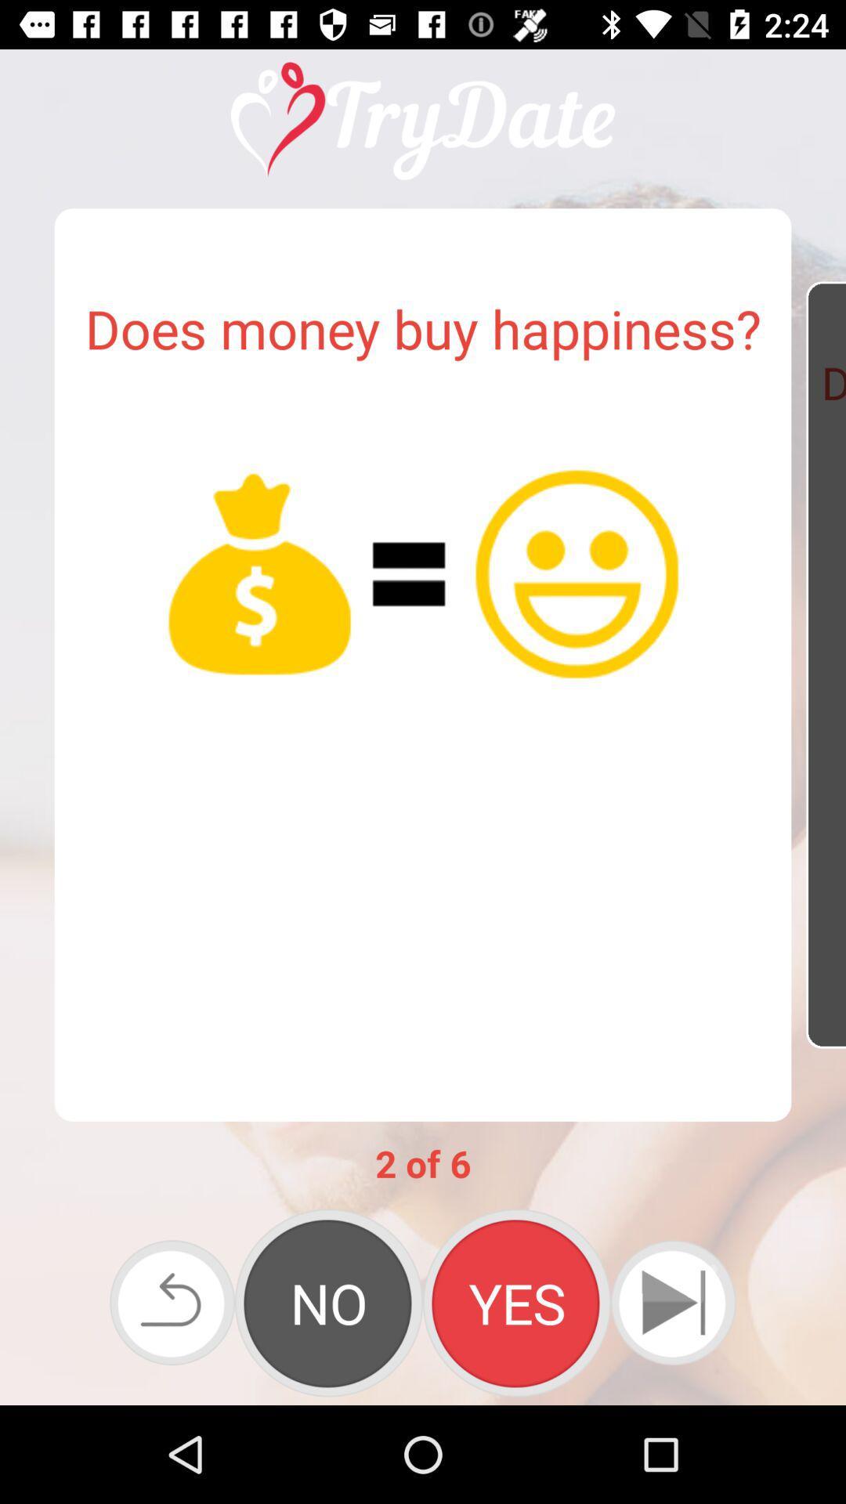 Image resolution: width=846 pixels, height=1504 pixels. Describe the element at coordinates (516, 1303) in the screenshot. I see `poll answer yes` at that location.